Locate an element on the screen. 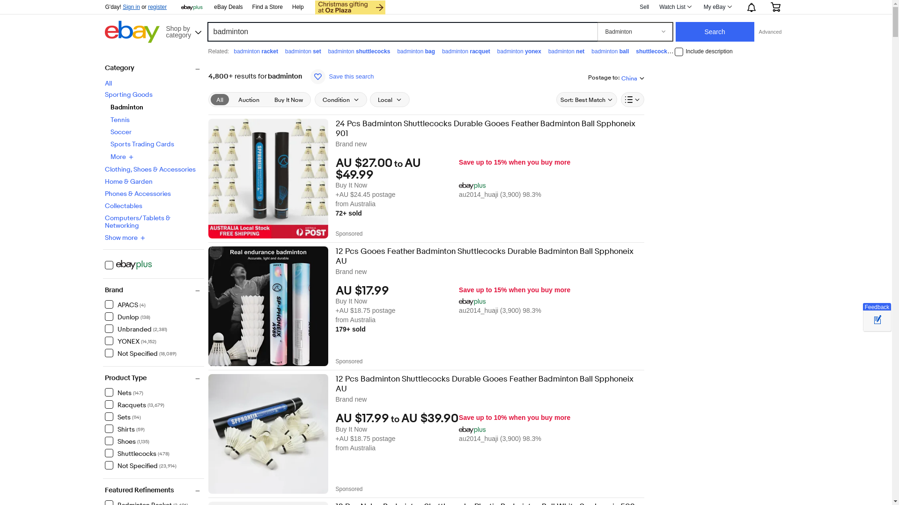 The image size is (899, 505). 'badminton net' is located at coordinates (566, 51).